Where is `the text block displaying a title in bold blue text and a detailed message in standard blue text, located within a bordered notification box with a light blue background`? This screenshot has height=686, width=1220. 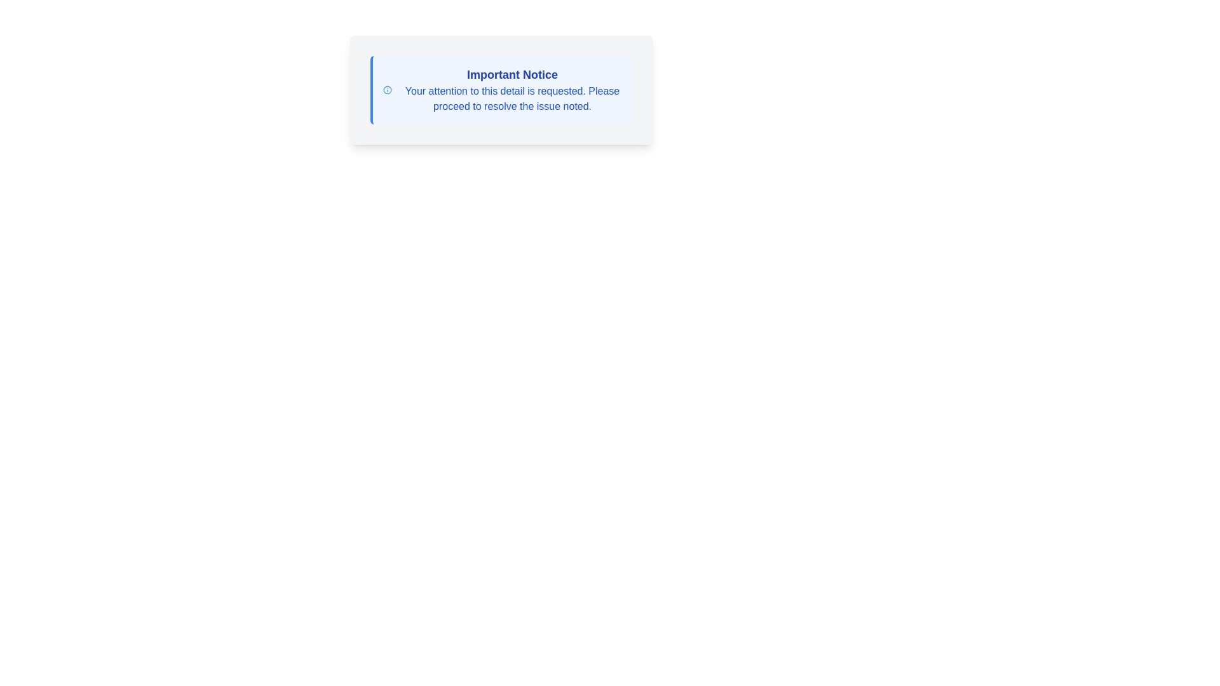 the text block displaying a title in bold blue text and a detailed message in standard blue text, located within a bordered notification box with a light blue background is located at coordinates (512, 90).